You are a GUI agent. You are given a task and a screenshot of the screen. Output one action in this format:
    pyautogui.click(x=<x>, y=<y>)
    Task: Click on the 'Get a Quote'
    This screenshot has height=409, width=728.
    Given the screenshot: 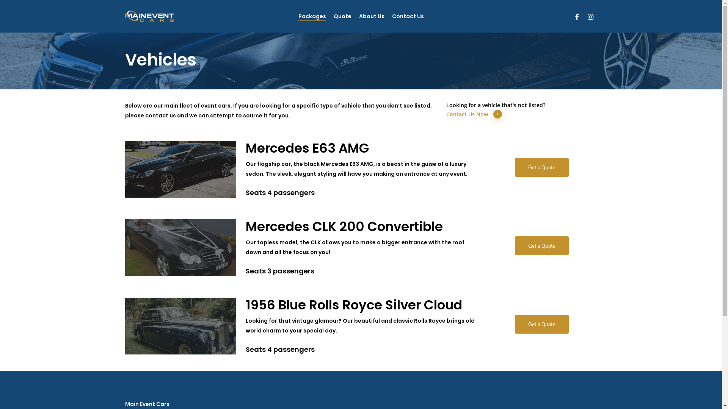 What is the action you would take?
    pyautogui.click(x=515, y=324)
    